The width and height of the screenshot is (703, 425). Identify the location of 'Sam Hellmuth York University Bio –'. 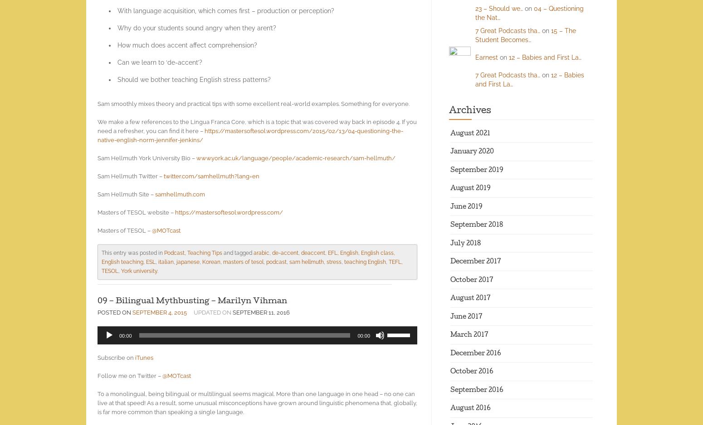
(146, 158).